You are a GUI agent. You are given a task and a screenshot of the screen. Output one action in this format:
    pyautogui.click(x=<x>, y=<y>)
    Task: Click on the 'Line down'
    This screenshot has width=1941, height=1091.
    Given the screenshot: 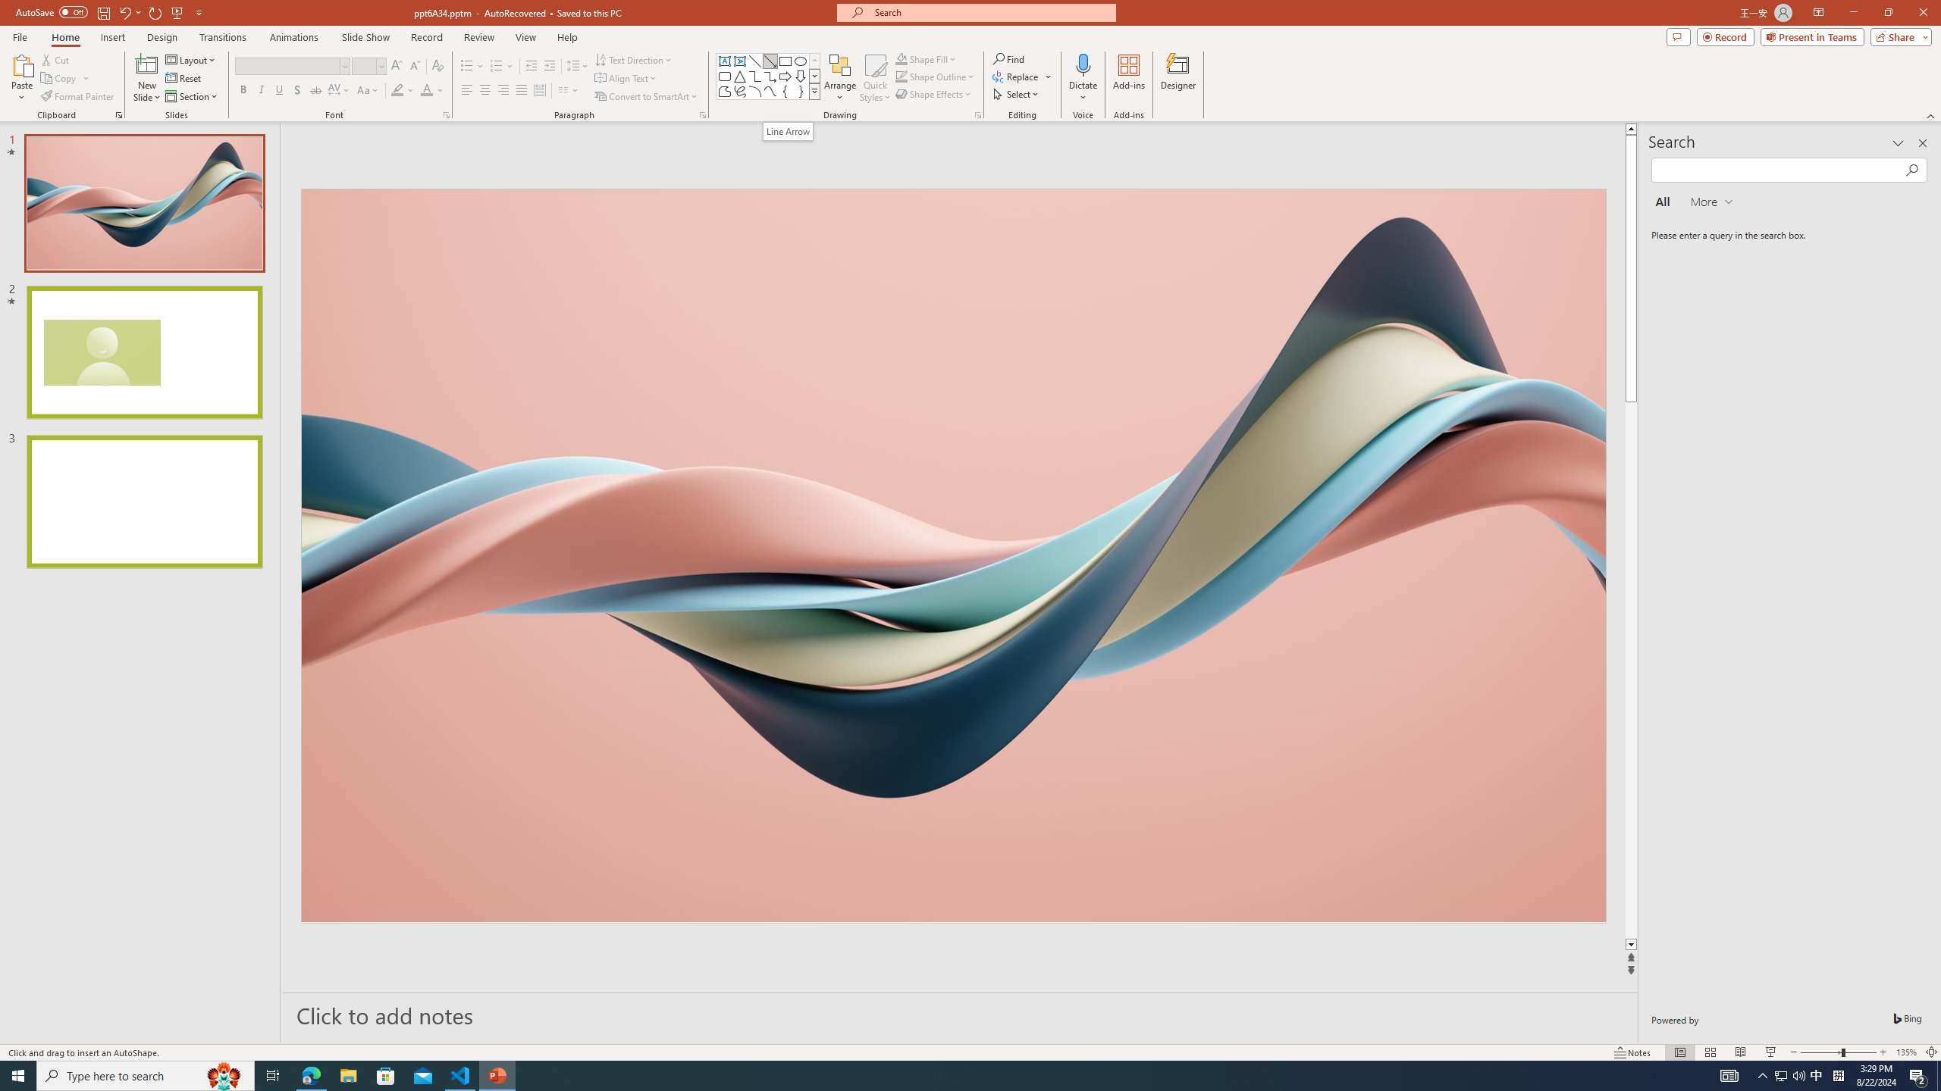 What is the action you would take?
    pyautogui.click(x=1631, y=944)
    